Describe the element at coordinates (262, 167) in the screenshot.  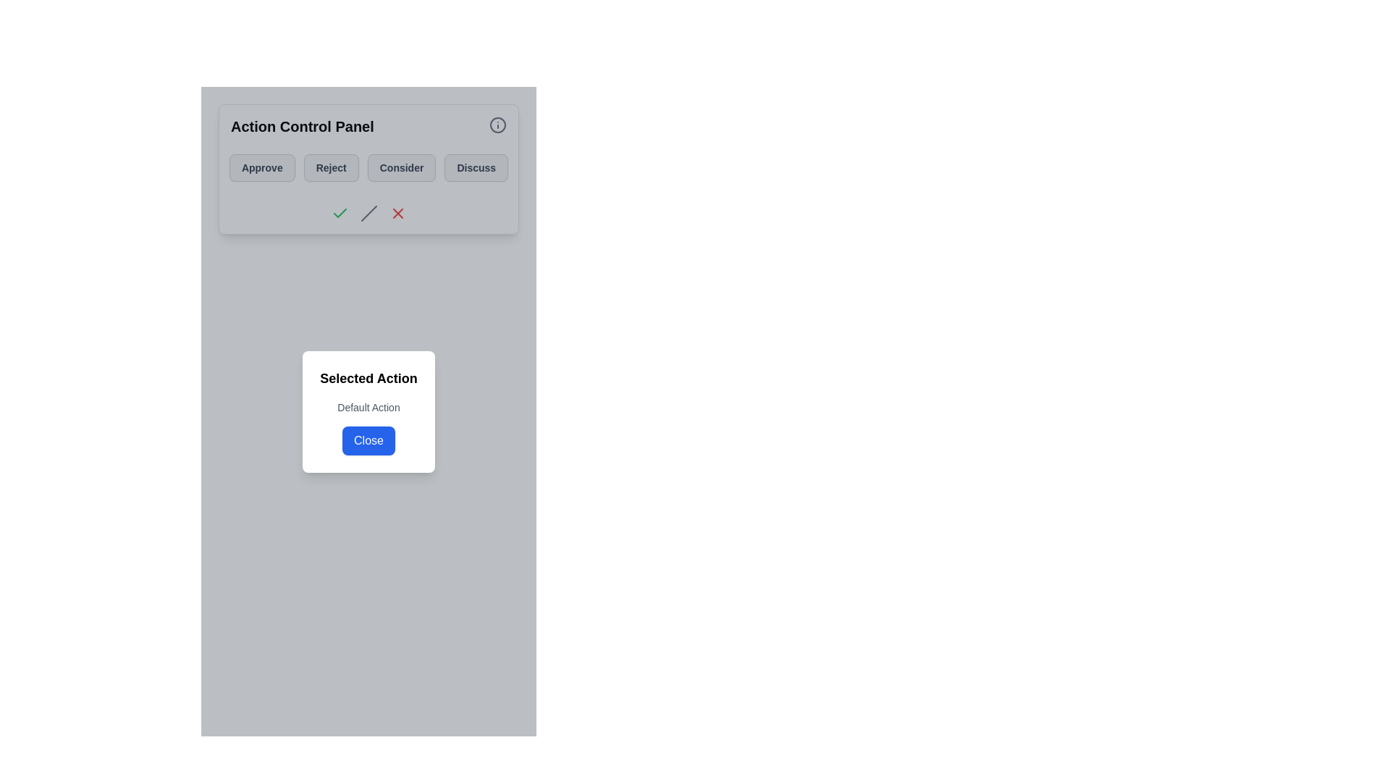
I see `the first button in the horizontal group labeled 'Approve' located below the 'Action Control Panel' heading` at that location.